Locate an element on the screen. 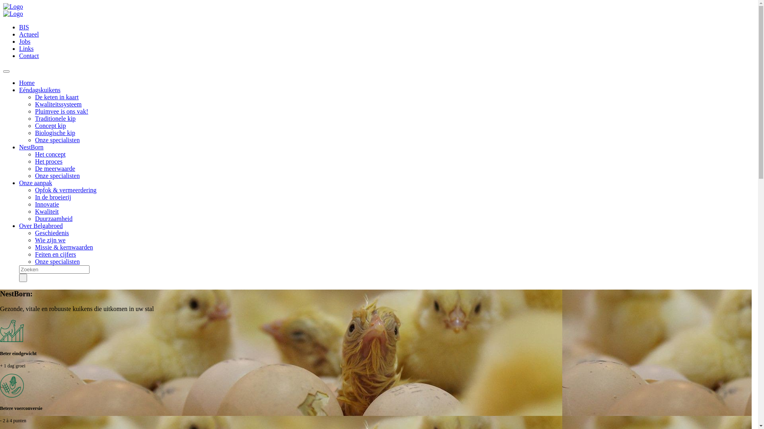  'Concept kip' is located at coordinates (50, 125).